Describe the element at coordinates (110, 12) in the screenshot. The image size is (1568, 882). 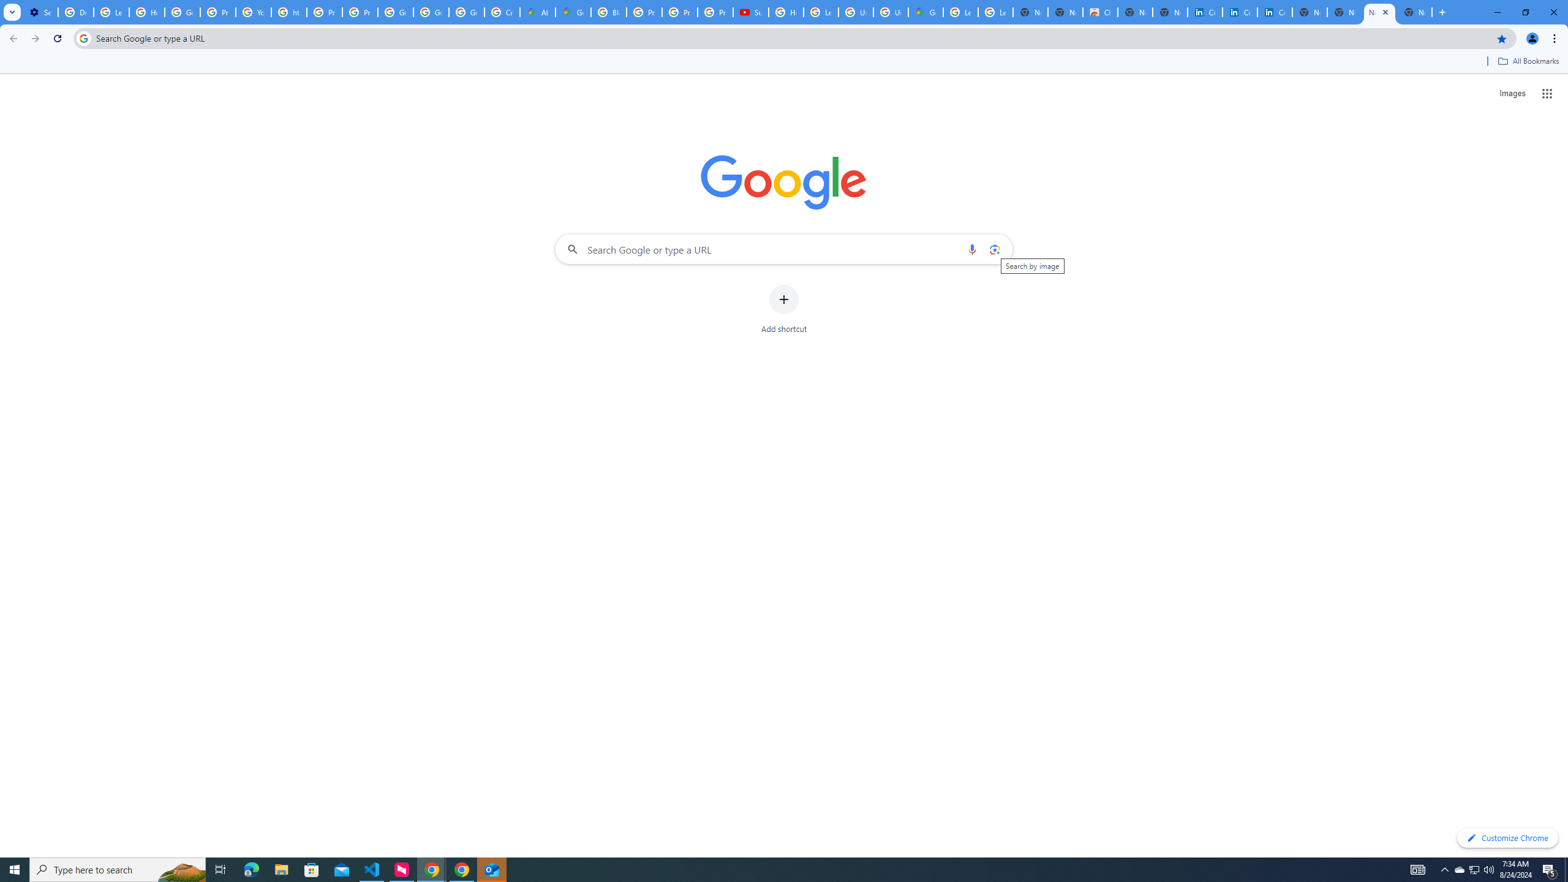
I see `'Learn how to find your photos - Google Photos Help'` at that location.